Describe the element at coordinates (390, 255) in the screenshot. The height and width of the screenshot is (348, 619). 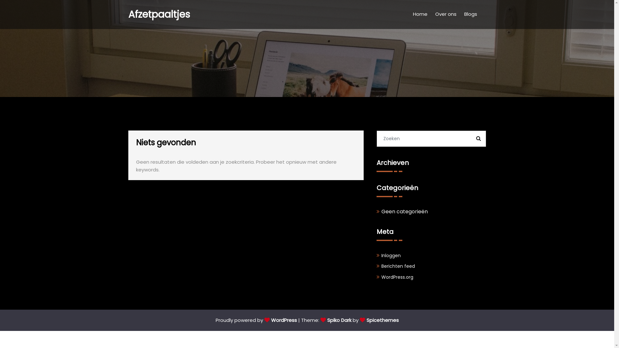
I see `'Inloggen'` at that location.